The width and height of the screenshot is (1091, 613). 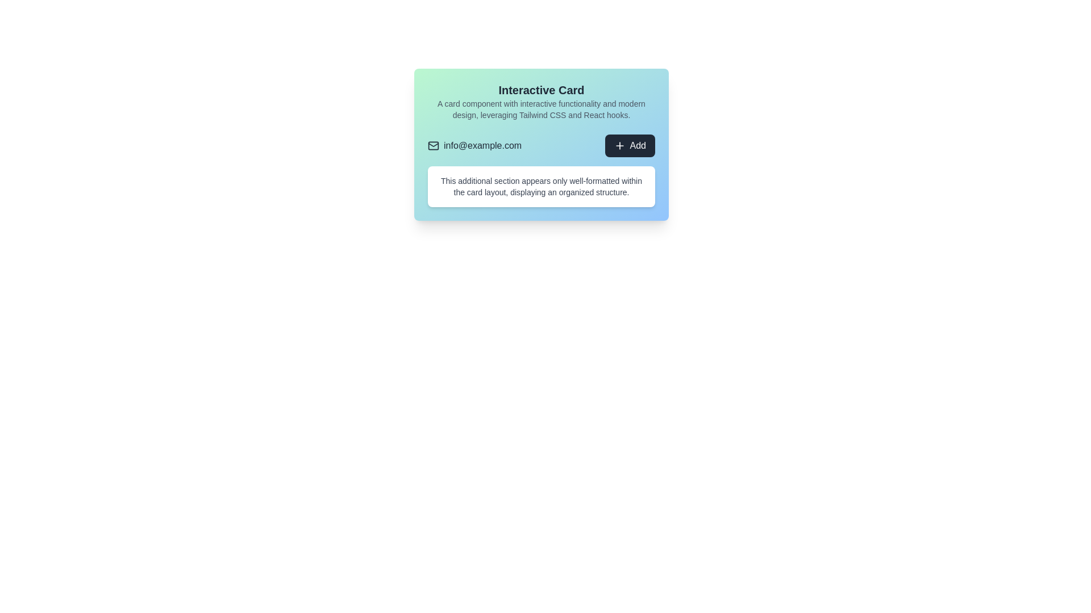 What do you see at coordinates (619, 145) in the screenshot?
I see `the appearance of the 'Add' icon located in the top-right area of the card, which visually represents the 'Add' action` at bounding box center [619, 145].